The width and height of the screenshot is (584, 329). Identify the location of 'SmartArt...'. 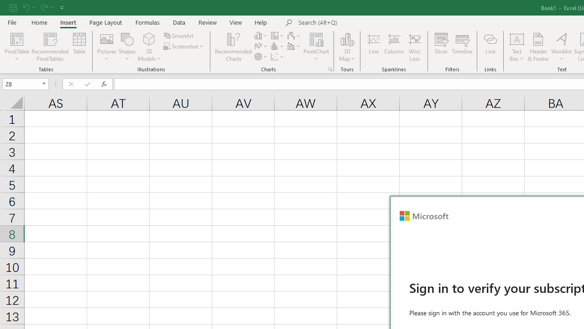
(179, 35).